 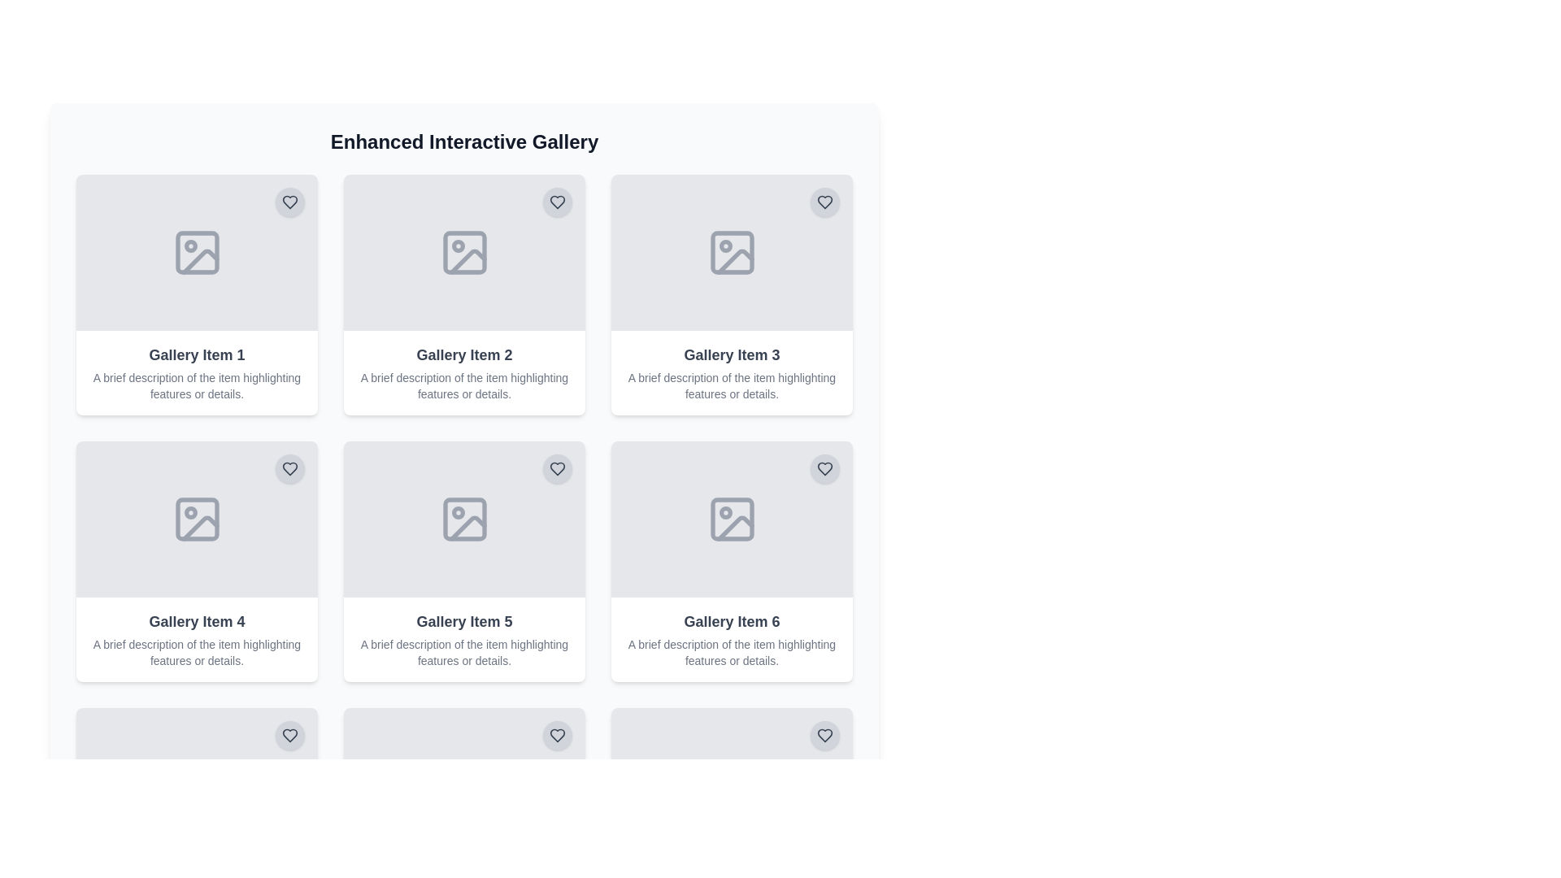 I want to click on the favorite icon located at the top-right corner inside the card labeled 'Gallery Item 3' to mark it as a favorite, so click(x=824, y=202).